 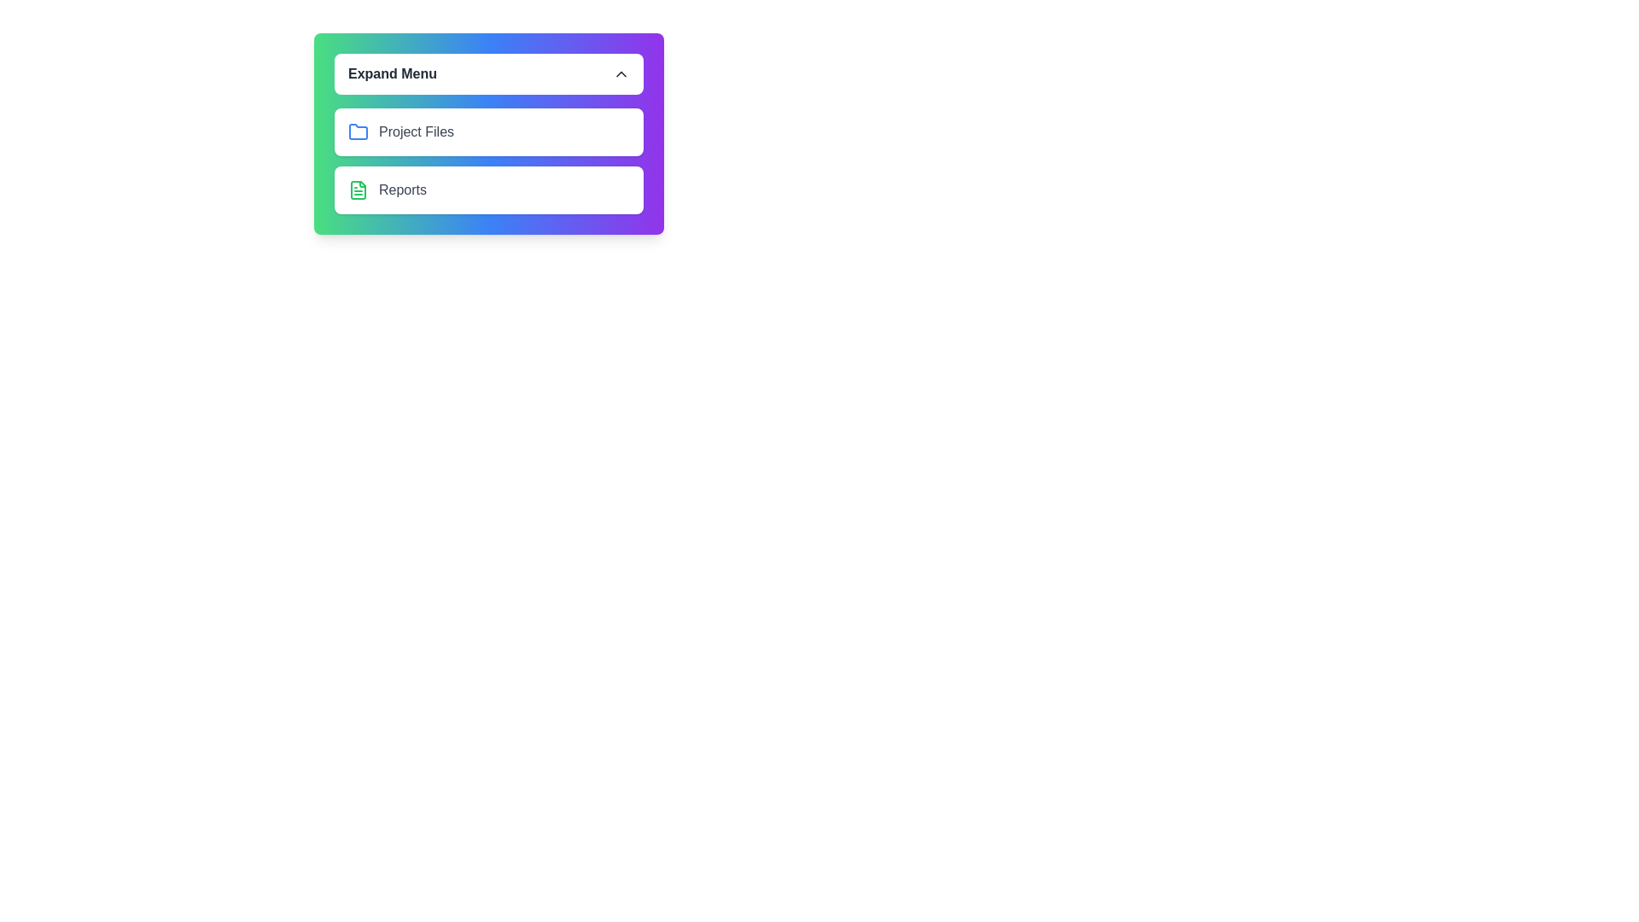 What do you see at coordinates (487, 190) in the screenshot?
I see `the clickable card for 'Reports', which is the second item in the vertical stack below 'Project Files'` at bounding box center [487, 190].